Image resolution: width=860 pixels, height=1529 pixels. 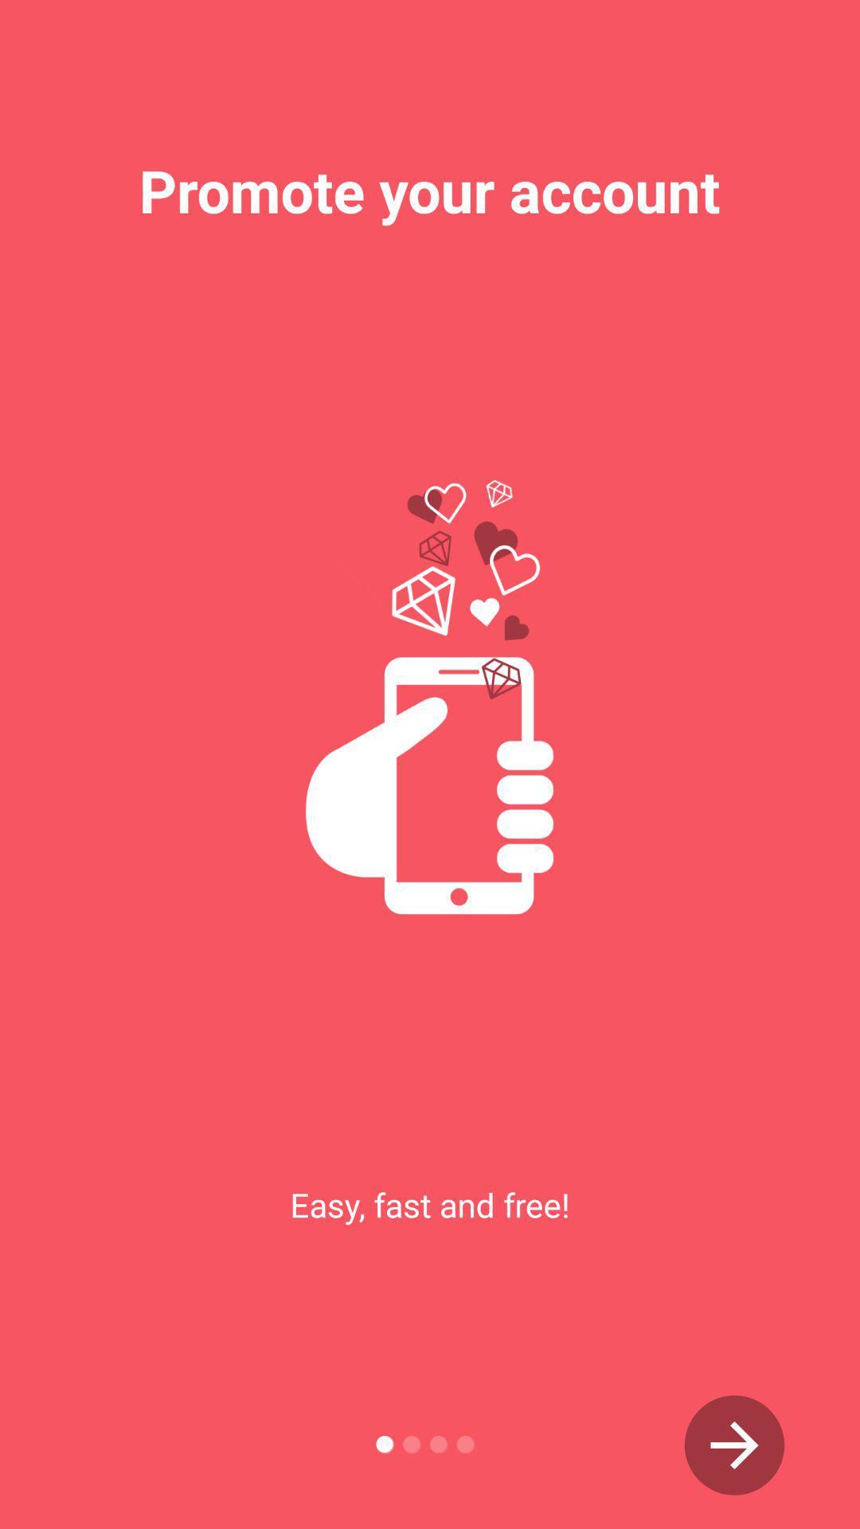 I want to click on next, so click(x=734, y=1445).